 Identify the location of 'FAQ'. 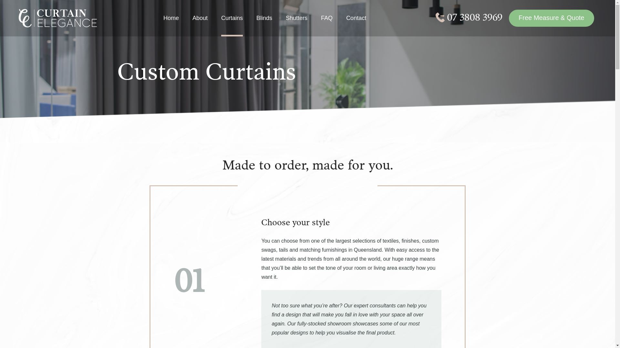
(321, 24).